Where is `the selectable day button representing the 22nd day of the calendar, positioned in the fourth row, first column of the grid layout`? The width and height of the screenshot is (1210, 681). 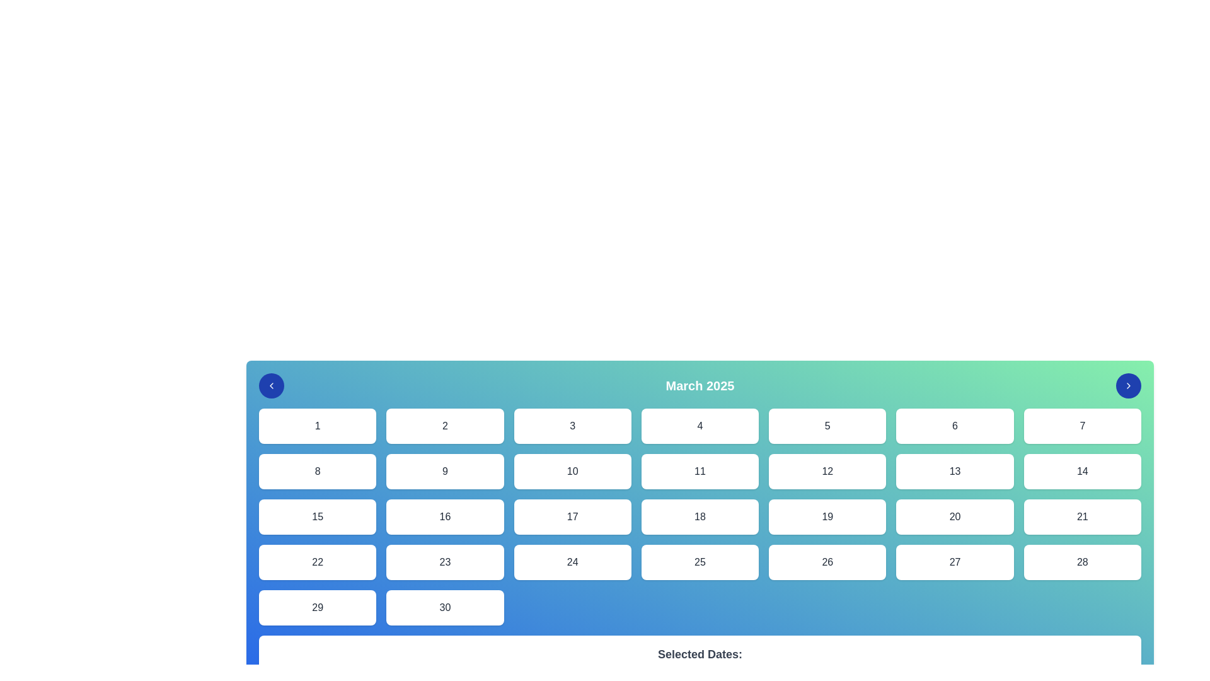 the selectable day button representing the 22nd day of the calendar, positioned in the fourth row, first column of the grid layout is located at coordinates (318, 561).